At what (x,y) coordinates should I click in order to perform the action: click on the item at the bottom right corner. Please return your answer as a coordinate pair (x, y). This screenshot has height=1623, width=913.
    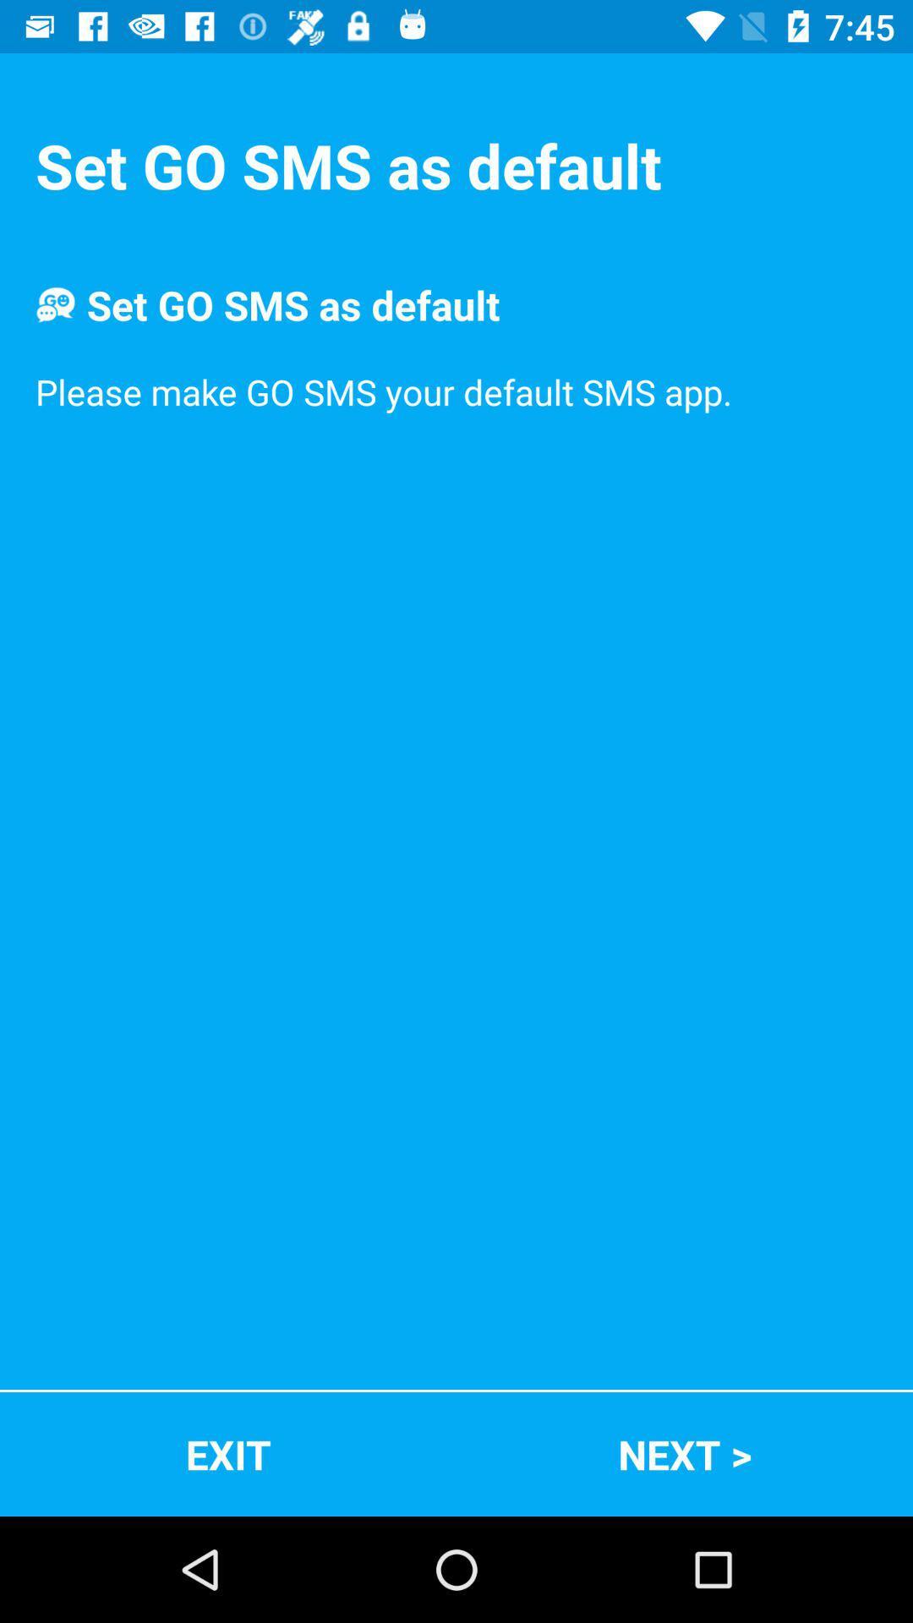
    Looking at the image, I should click on (685, 1453).